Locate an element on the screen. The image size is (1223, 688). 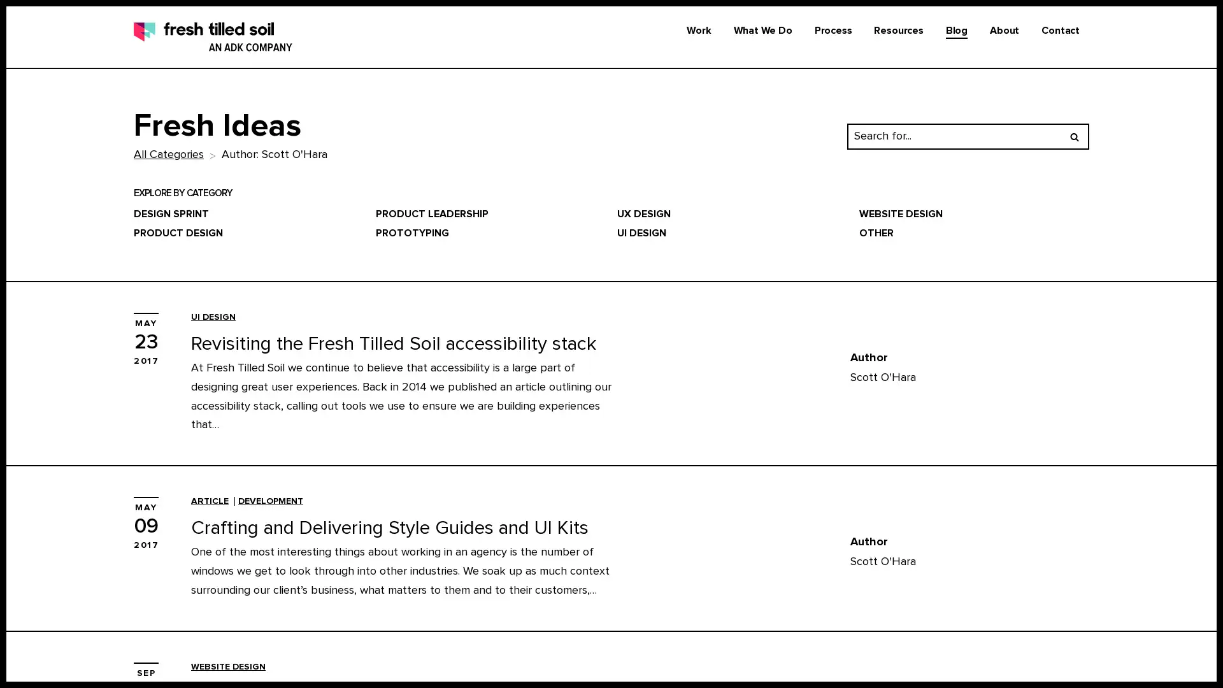
SUBMIT SEARCH is located at coordinates (1073, 135).